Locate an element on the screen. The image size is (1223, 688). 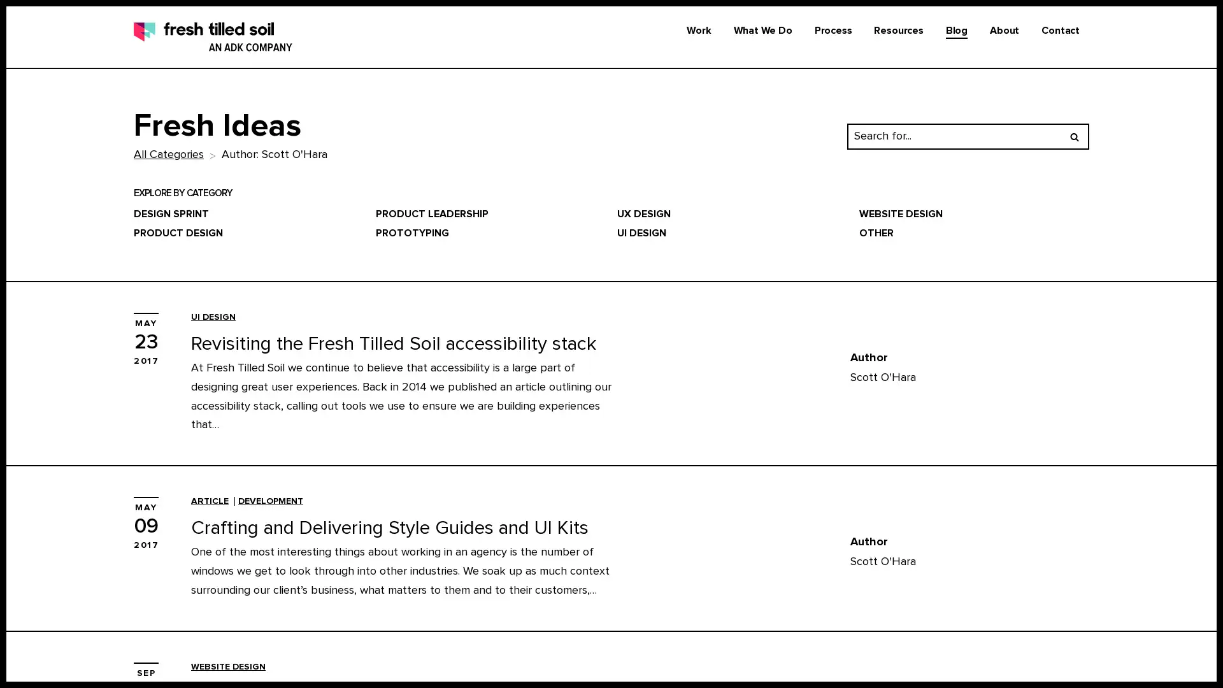
SUBMIT SEARCH is located at coordinates (1073, 135).